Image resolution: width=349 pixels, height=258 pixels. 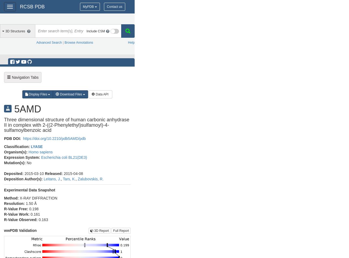 What do you see at coordinates (54, 173) in the screenshot?
I see `'Released:'` at bounding box center [54, 173].